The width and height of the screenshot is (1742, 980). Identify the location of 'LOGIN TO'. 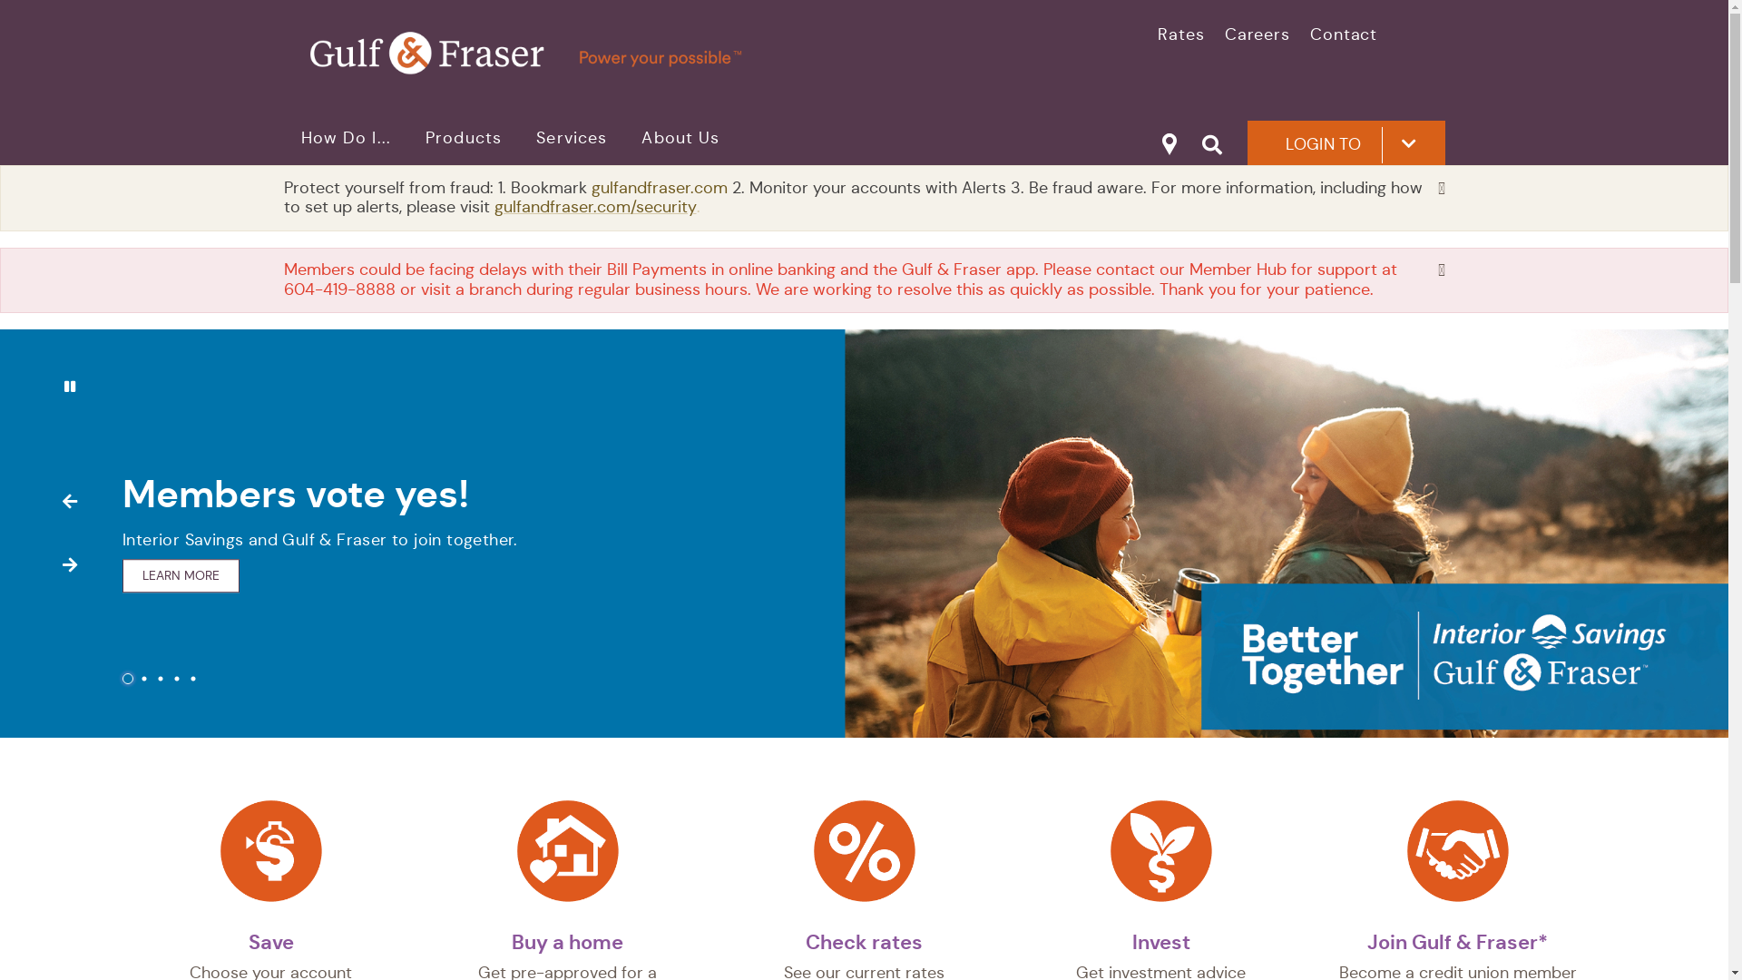
(1346, 142).